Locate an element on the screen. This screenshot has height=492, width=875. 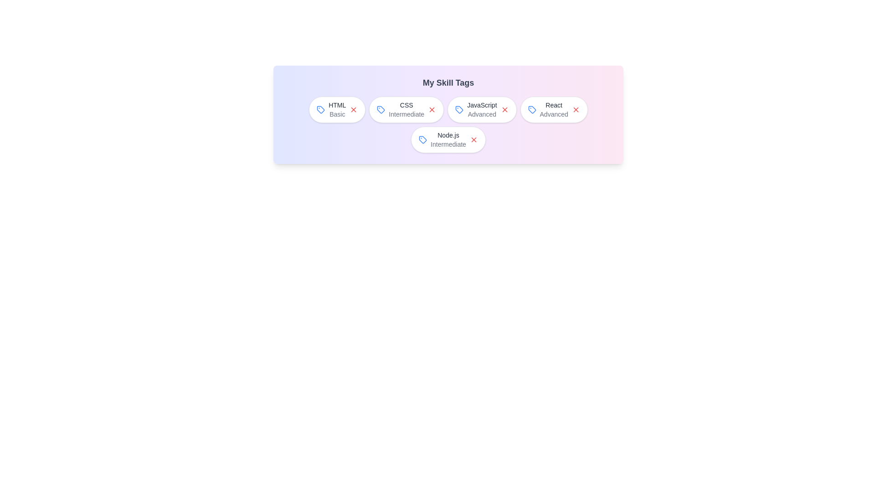
the tag icon next to the skill HTML is located at coordinates (321, 109).